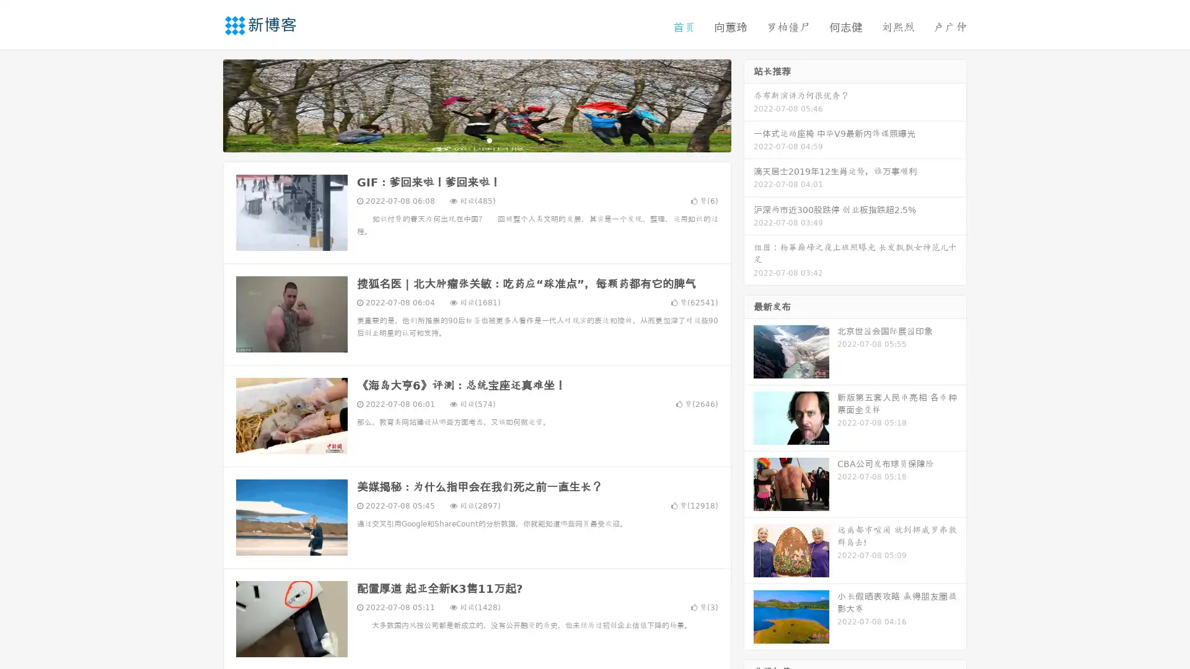 This screenshot has width=1190, height=669. Describe the element at coordinates (205, 104) in the screenshot. I see `Previous slide` at that location.